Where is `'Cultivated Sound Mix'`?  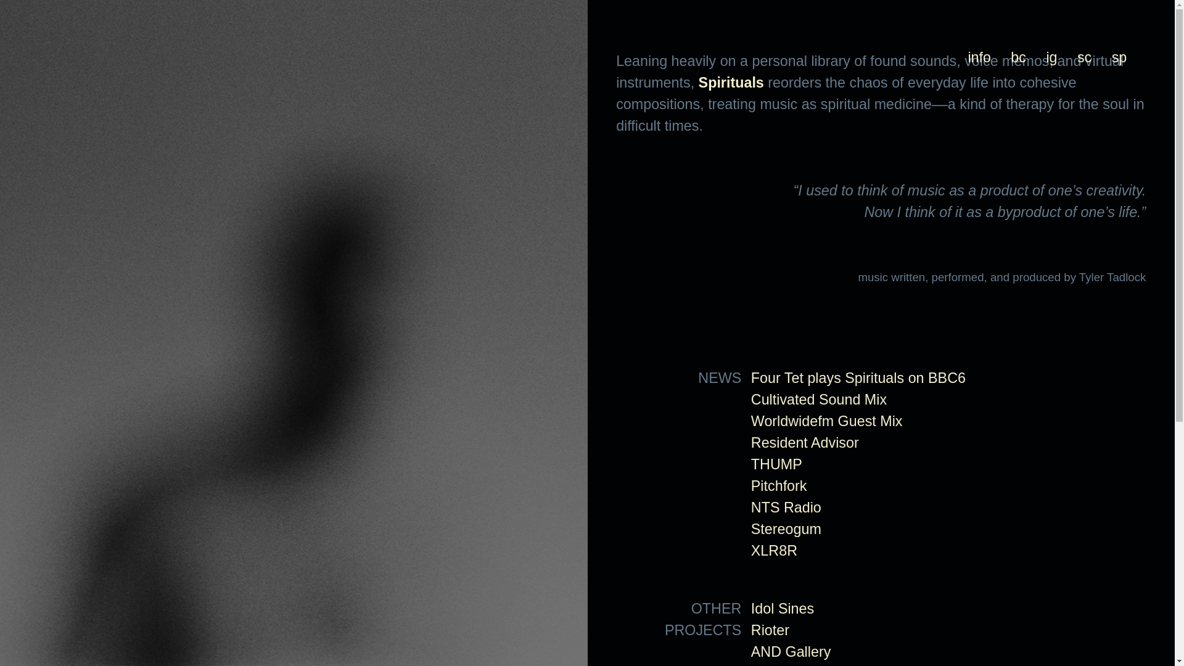
'Cultivated Sound Mix' is located at coordinates (819, 400).